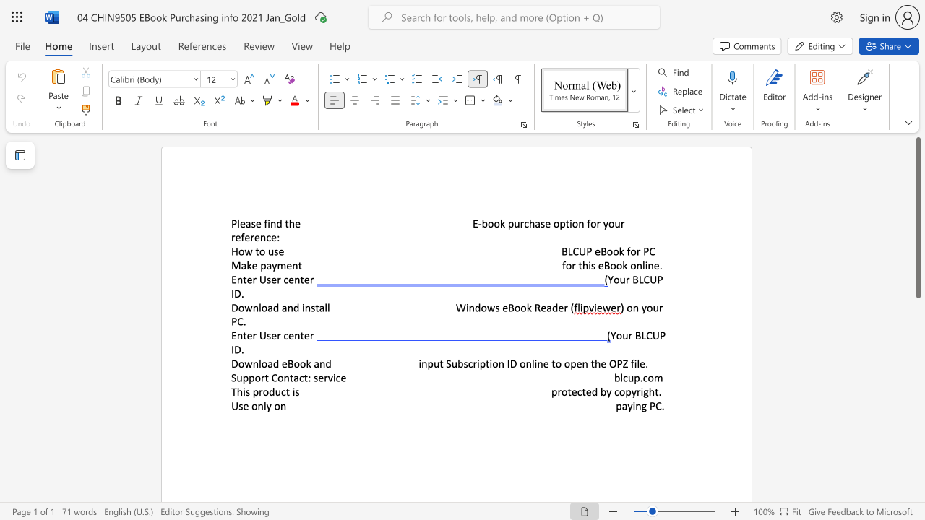 Image resolution: width=925 pixels, height=520 pixels. I want to click on the subset text "cha" within the text "E-book purchase", so click(523, 223).